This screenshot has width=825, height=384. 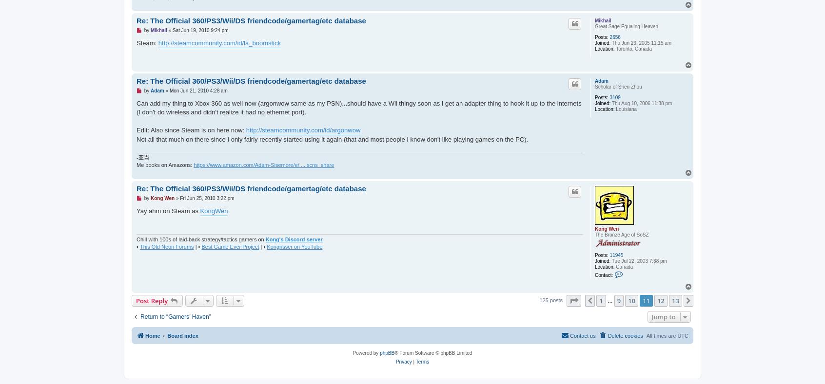 What do you see at coordinates (201, 245) in the screenshot?
I see `'Best Game Ever Project'` at bounding box center [201, 245].